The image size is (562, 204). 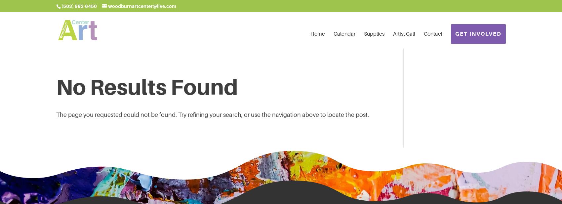 What do you see at coordinates (344, 33) in the screenshot?
I see `'Calendar'` at bounding box center [344, 33].